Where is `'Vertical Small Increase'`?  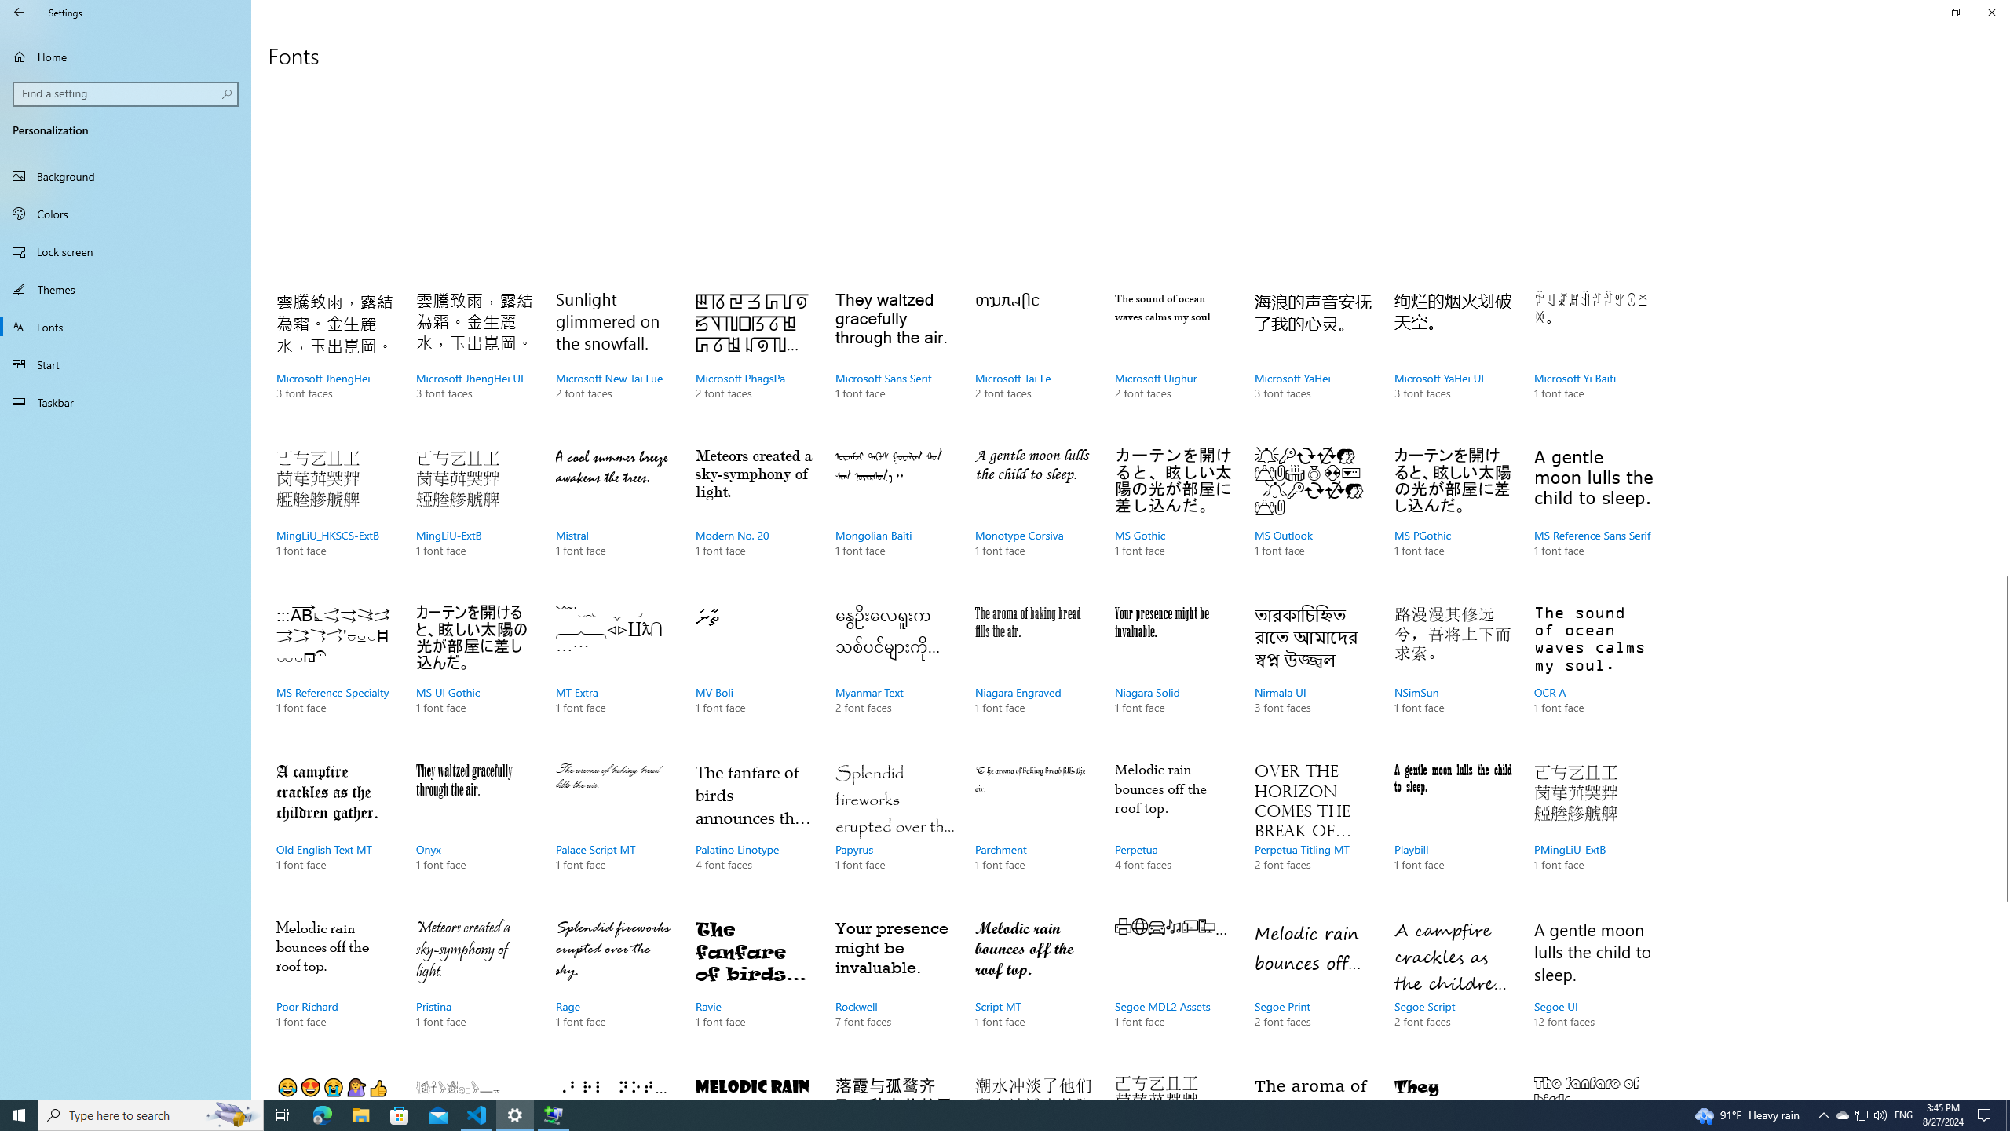 'Vertical Small Increase' is located at coordinates (2003, 1092).